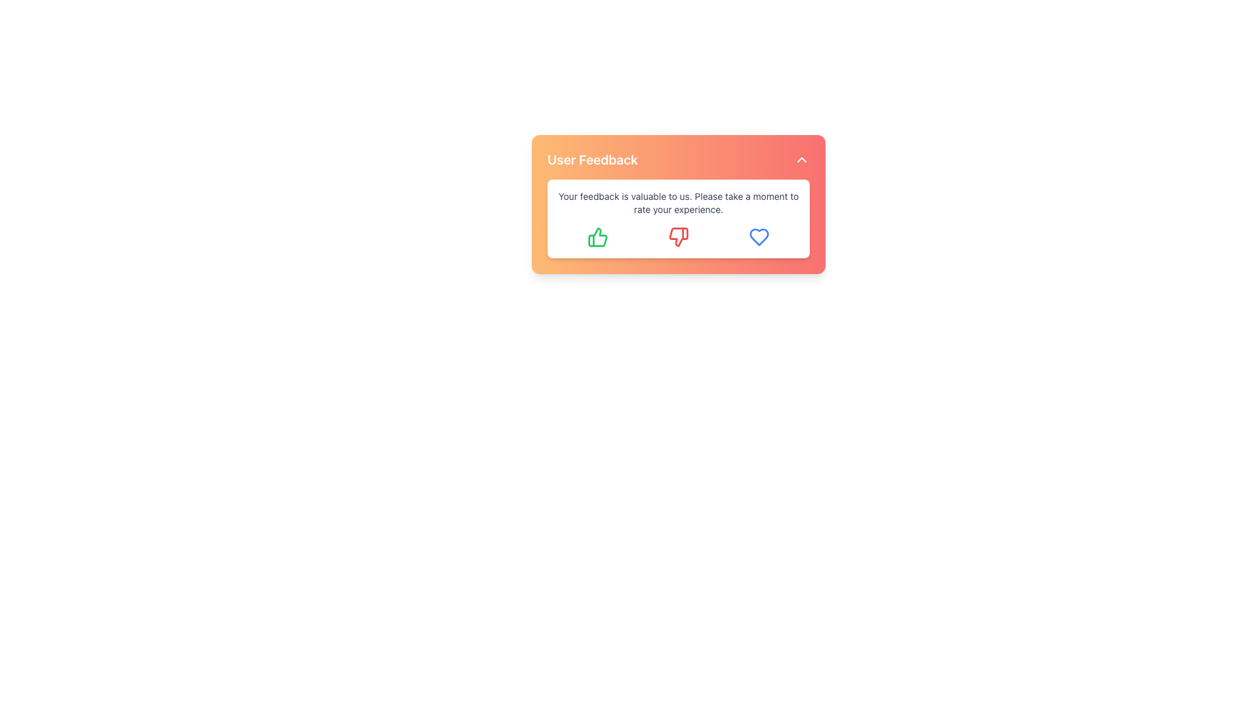 The height and width of the screenshot is (708, 1259). Describe the element at coordinates (597, 237) in the screenshot. I see `the green thumbs-up icon located in the middle of the feedback card to indicate approval` at that location.